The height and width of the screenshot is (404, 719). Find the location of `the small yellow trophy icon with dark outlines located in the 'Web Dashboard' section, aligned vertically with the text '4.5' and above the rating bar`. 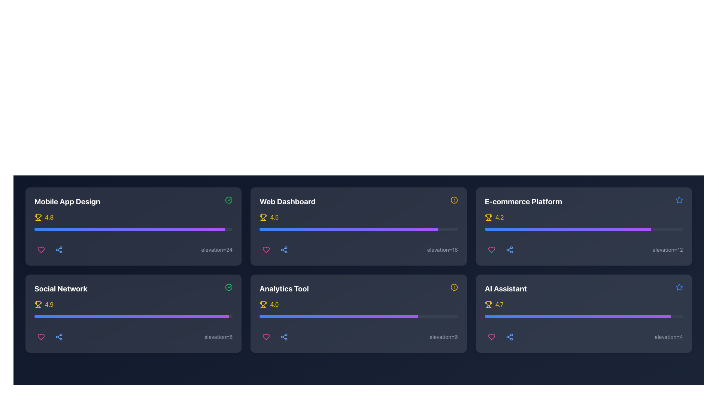

the small yellow trophy icon with dark outlines located in the 'Web Dashboard' section, aligned vertically with the text '4.5' and above the rating bar is located at coordinates (263, 217).